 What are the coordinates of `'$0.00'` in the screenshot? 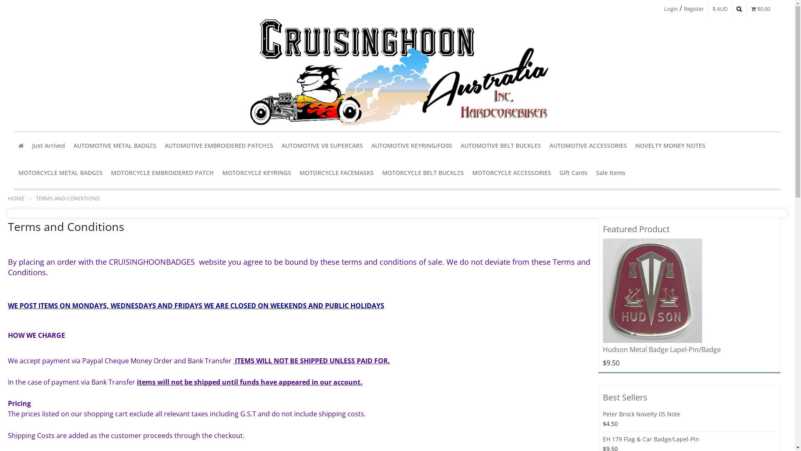 It's located at (761, 8).